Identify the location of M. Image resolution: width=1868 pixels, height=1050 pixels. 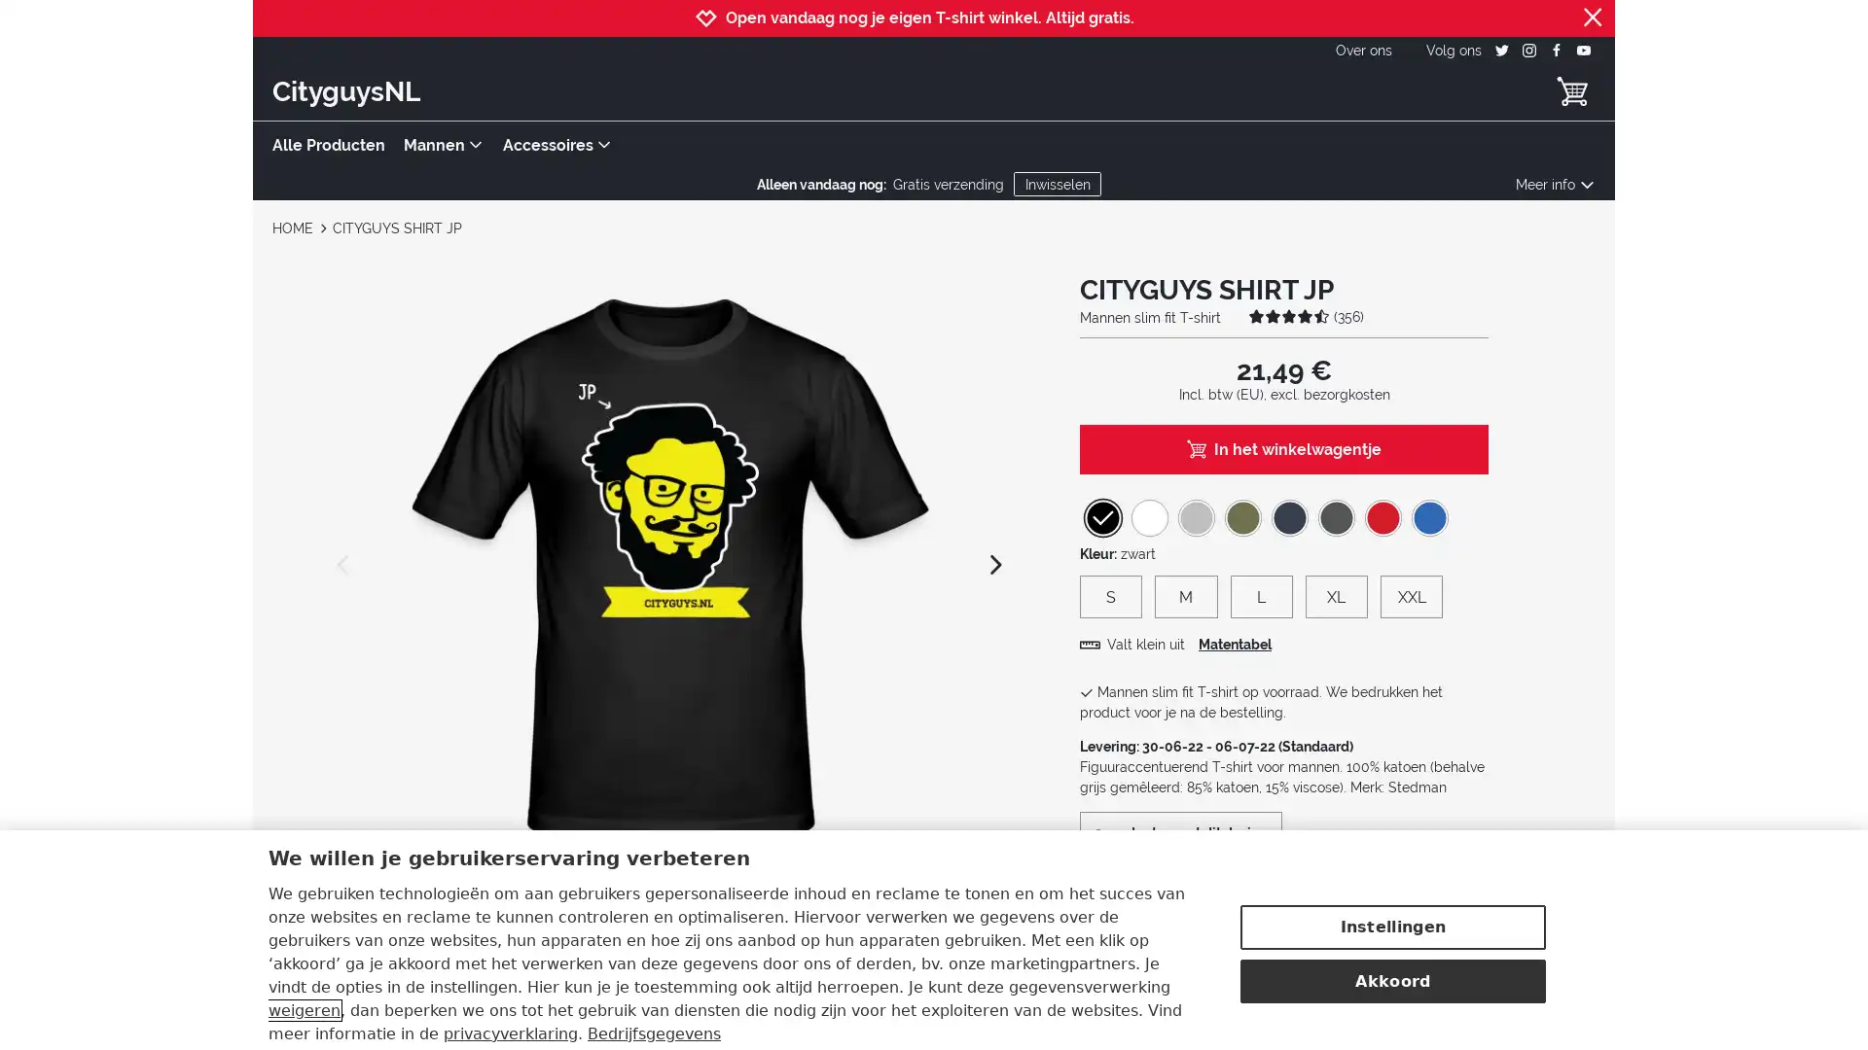
(1185, 595).